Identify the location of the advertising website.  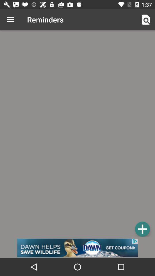
(77, 248).